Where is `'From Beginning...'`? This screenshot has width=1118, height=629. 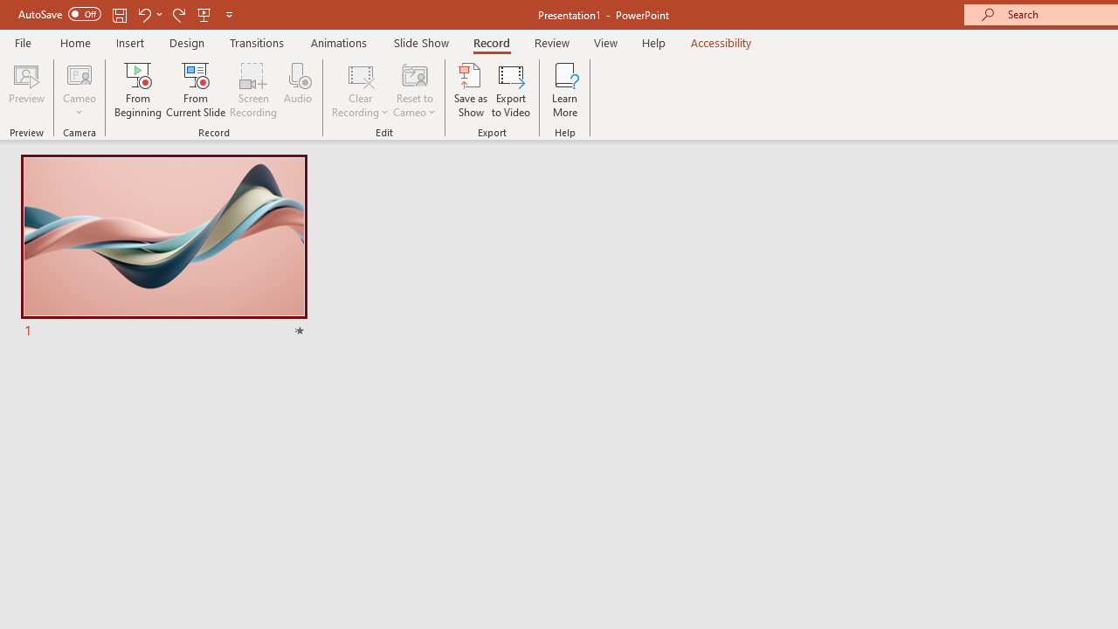 'From Beginning...' is located at coordinates (137, 90).